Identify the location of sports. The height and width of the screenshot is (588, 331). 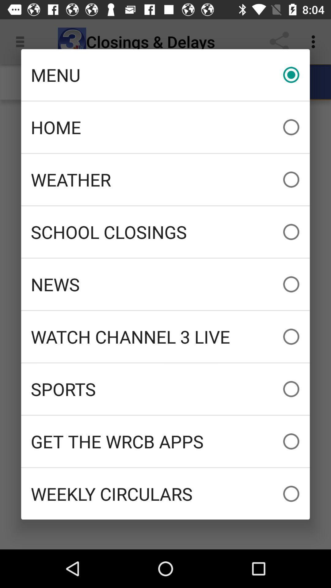
(165, 389).